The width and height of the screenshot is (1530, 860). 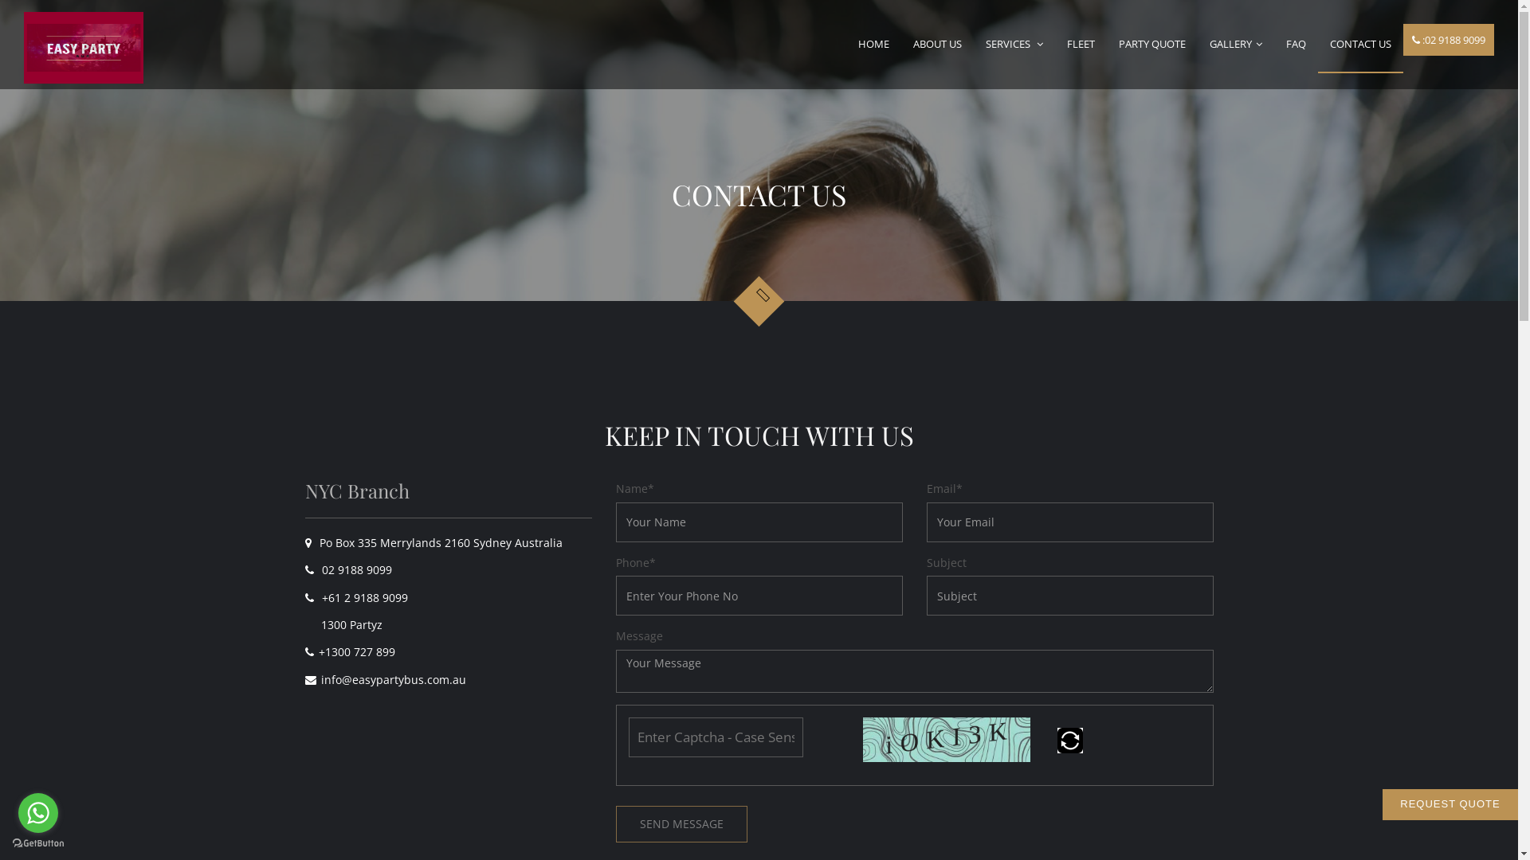 I want to click on 'FAQ', so click(x=1296, y=42).